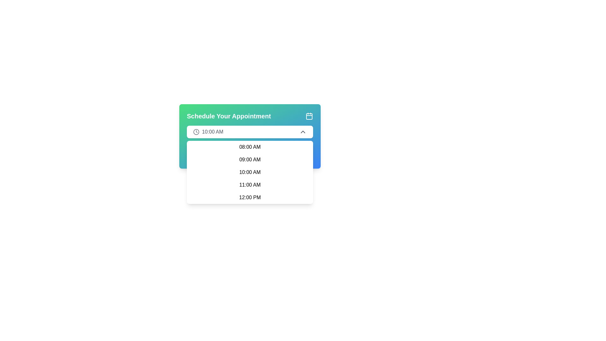  Describe the element at coordinates (250, 159) in the screenshot. I see `the second option in the dropdown menu that allows the user to select the time '09:00 AM' for appointment scheduling` at that location.